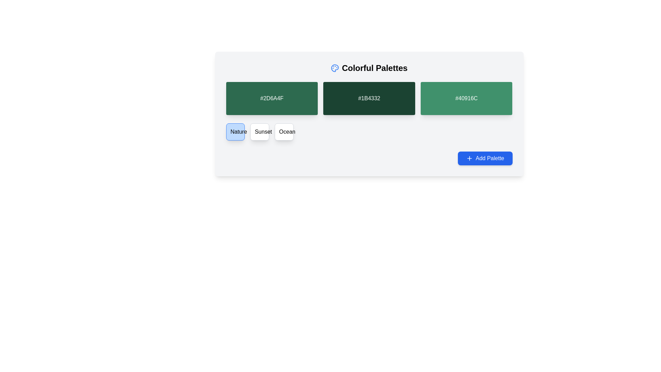 This screenshot has height=372, width=661. Describe the element at coordinates (235, 132) in the screenshot. I see `the 'Nature' button, which is the leftmost button in a group of three buttons under the 'Colorful Palettes' title` at that location.